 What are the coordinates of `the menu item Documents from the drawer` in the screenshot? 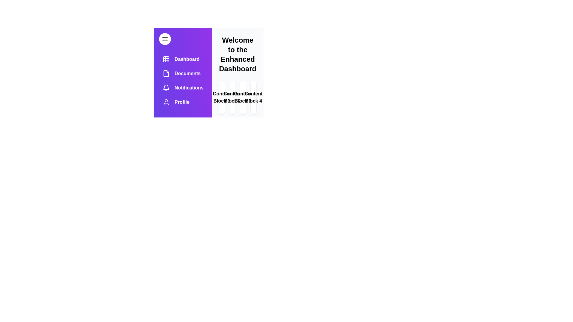 It's located at (183, 73).